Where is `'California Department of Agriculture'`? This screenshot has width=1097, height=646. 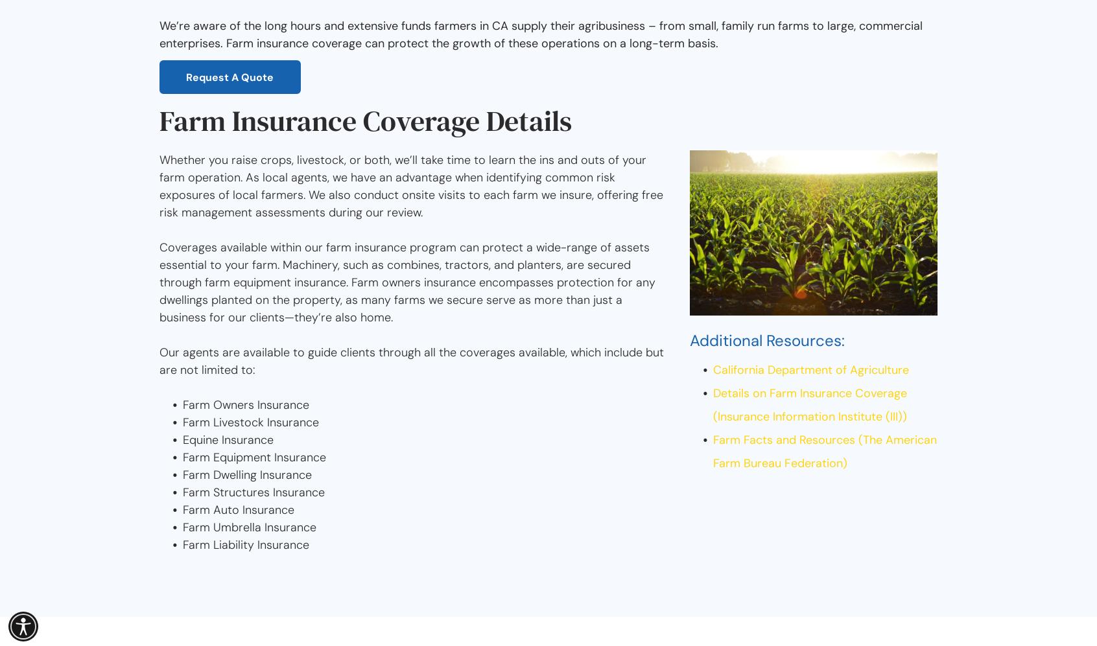
'California Department of Agriculture' is located at coordinates (713, 369).